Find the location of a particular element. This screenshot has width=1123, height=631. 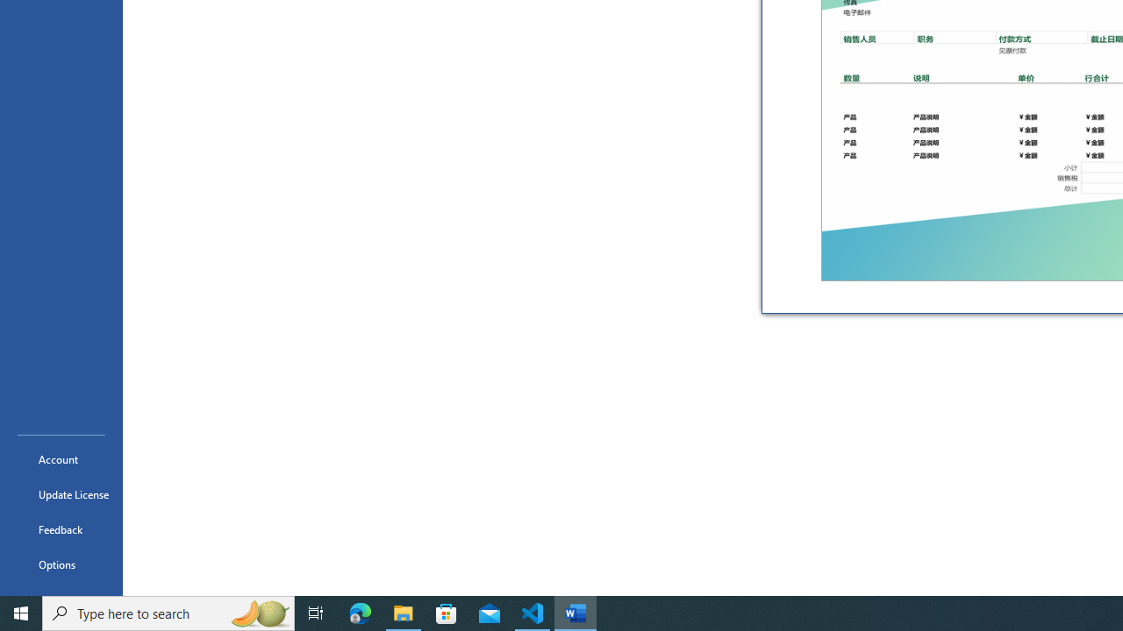

'Account' is located at coordinates (61, 458).